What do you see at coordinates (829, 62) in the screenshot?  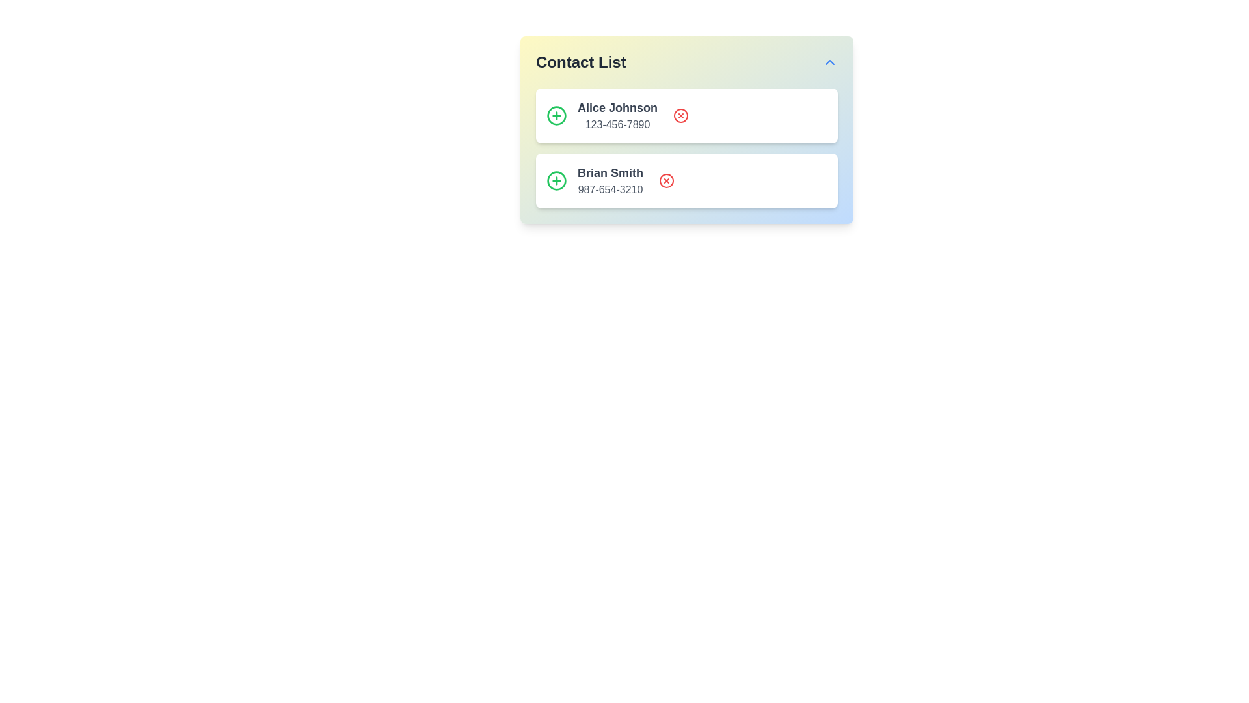 I see `the small blue chevron arrow button in the top-right corner of the contact list` at bounding box center [829, 62].